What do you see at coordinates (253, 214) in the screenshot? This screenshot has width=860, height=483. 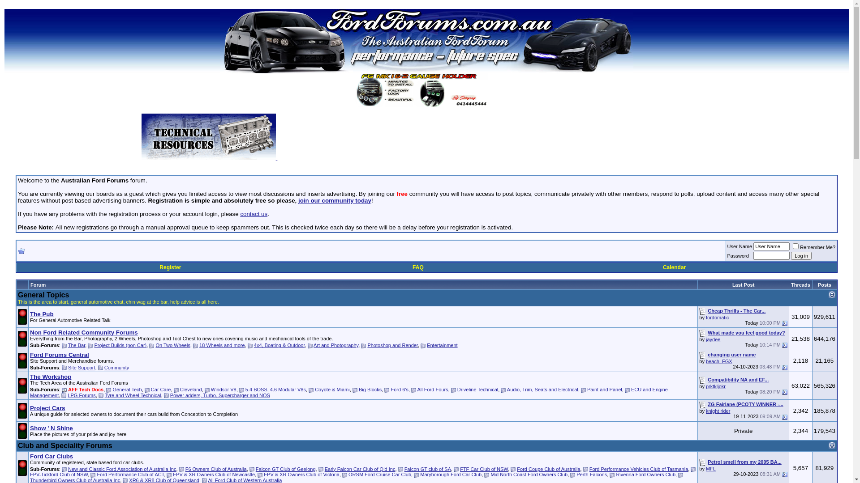 I see `'contact us'` at bounding box center [253, 214].